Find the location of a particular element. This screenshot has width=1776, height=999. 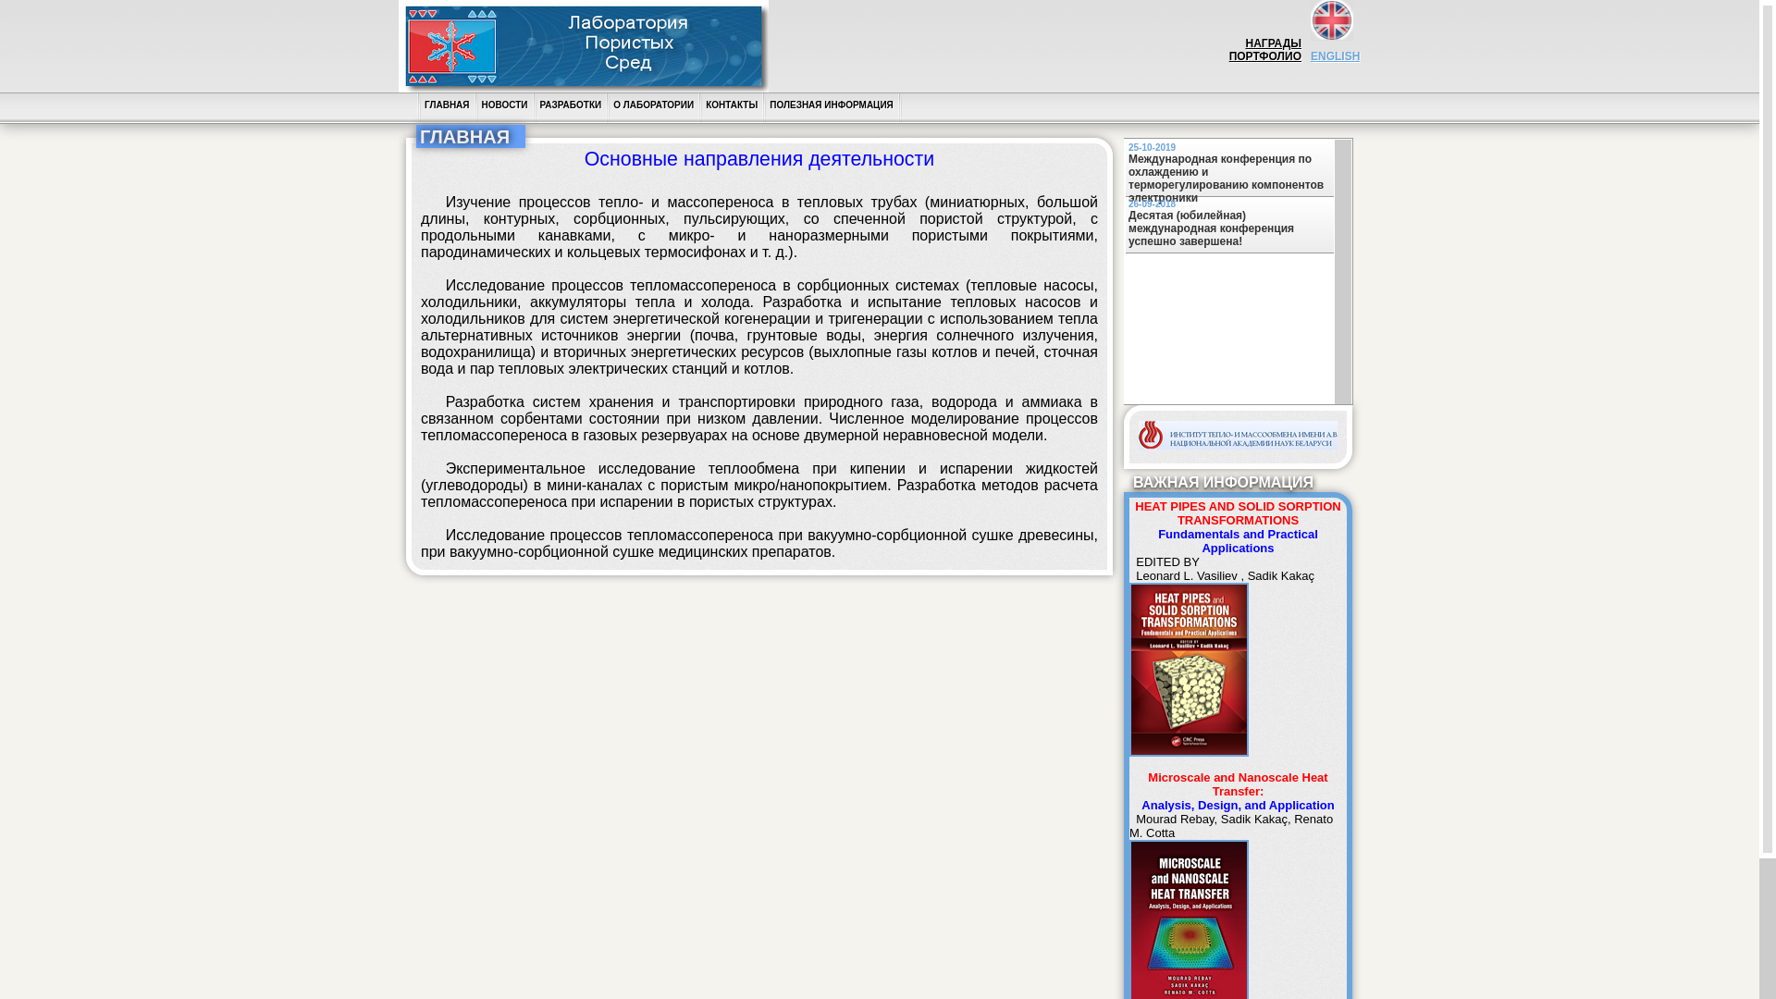

'ENGLISH' is located at coordinates (1309, 62).